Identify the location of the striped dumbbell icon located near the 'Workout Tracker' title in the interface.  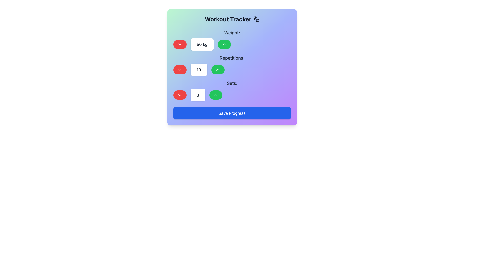
(257, 20).